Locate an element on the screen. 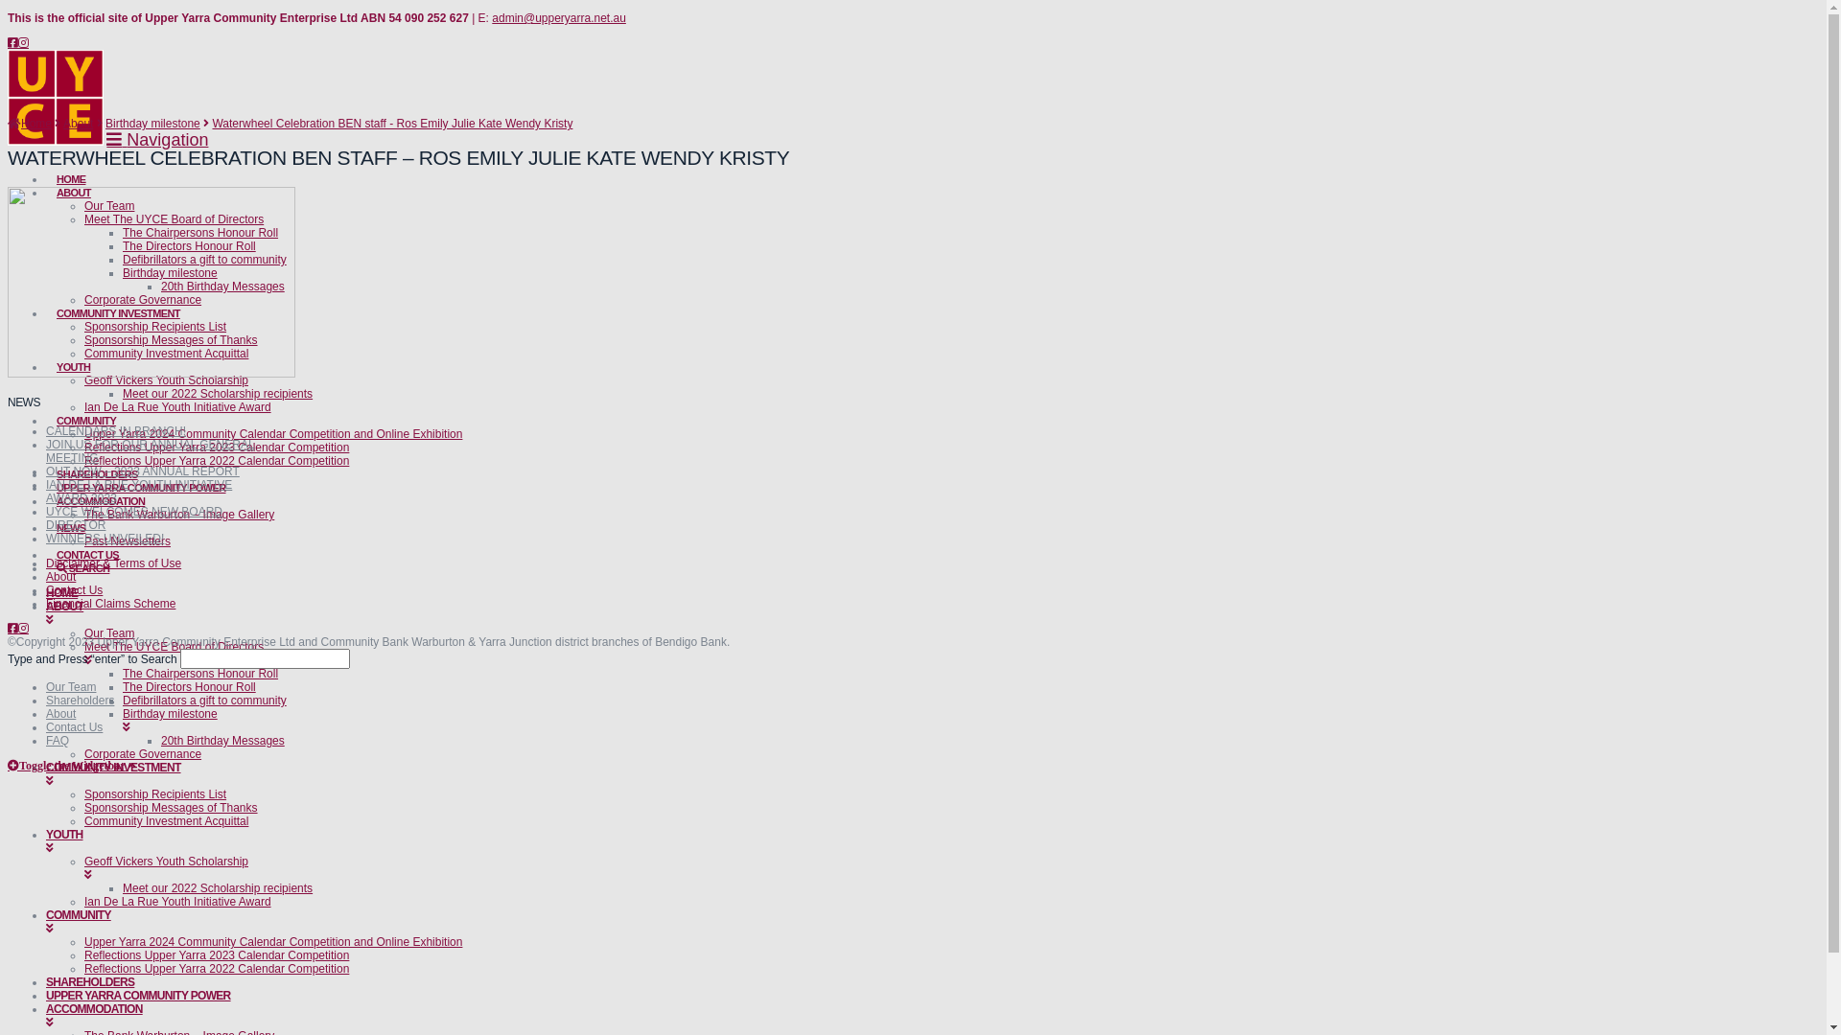 This screenshot has height=1035, width=1841. 'ACCOMMODATION' is located at coordinates (100, 494).